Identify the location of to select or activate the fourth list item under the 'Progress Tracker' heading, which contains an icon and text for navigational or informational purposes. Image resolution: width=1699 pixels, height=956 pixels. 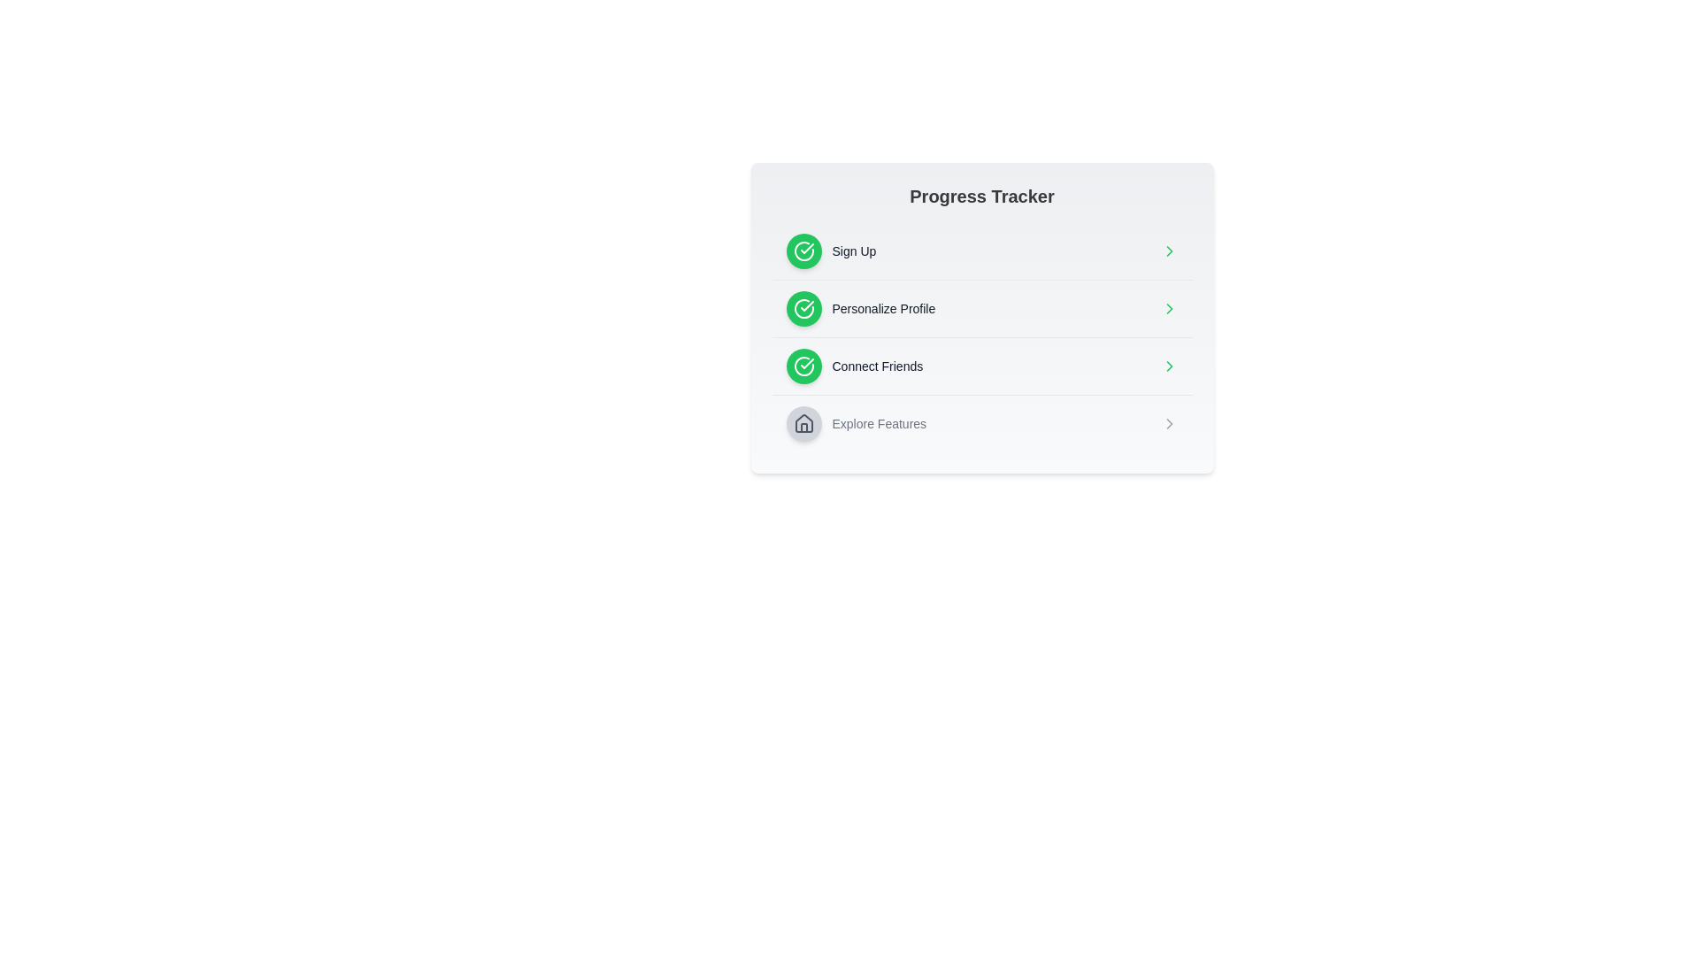
(856, 423).